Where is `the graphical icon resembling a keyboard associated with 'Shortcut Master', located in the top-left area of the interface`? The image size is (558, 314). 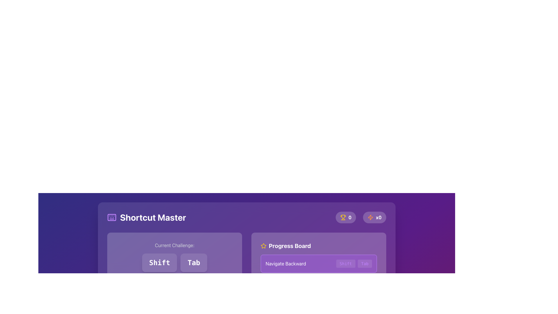
the graphical icon resembling a keyboard associated with 'Shortcut Master', located in the top-left area of the interface is located at coordinates (112, 217).